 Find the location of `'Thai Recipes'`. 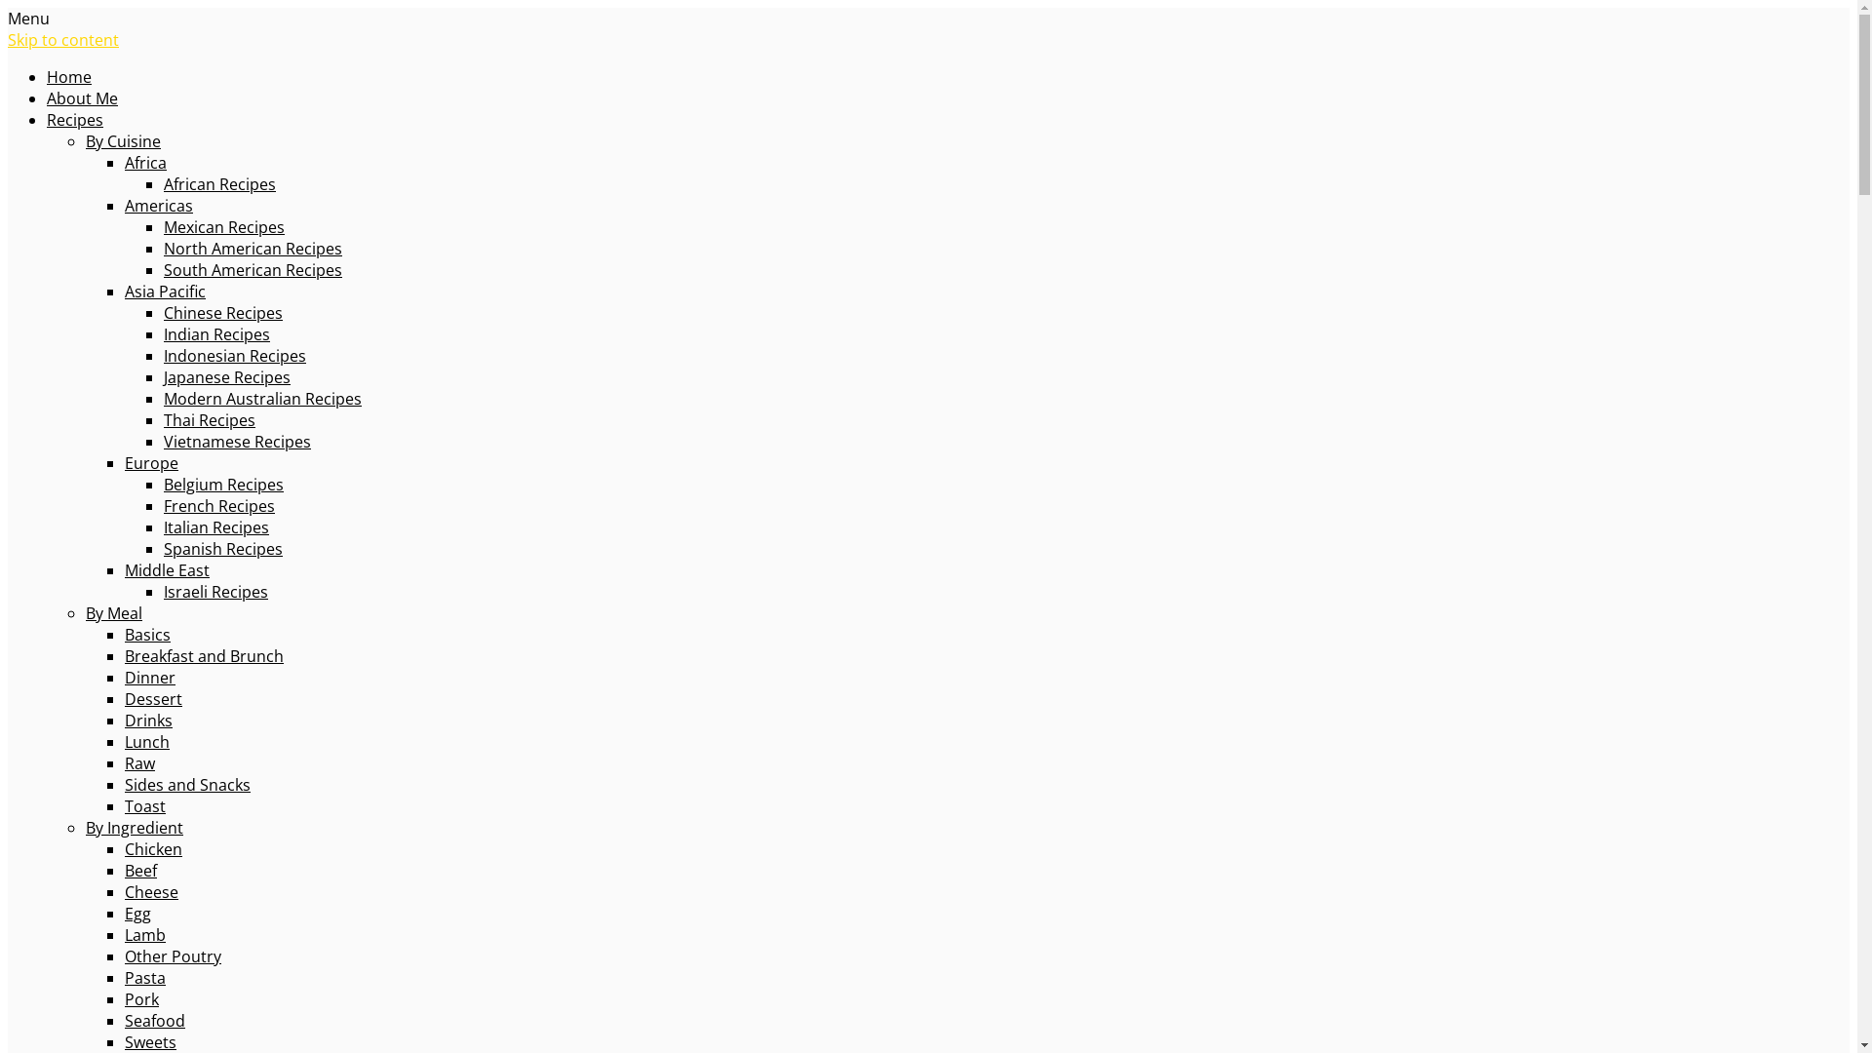

'Thai Recipes' is located at coordinates (164, 419).